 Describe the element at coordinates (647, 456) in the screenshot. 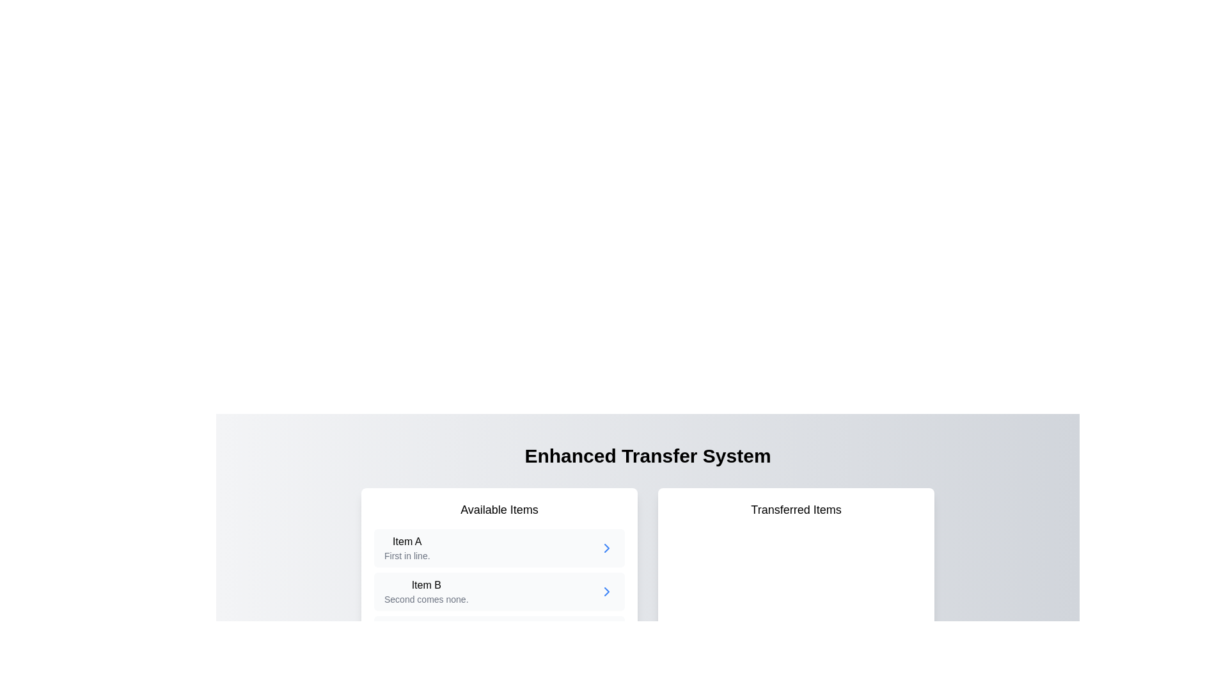

I see `the bold and large text label stating 'Enhanced Transfer System', which is centered at the top of its section with a black font on a light background` at that location.